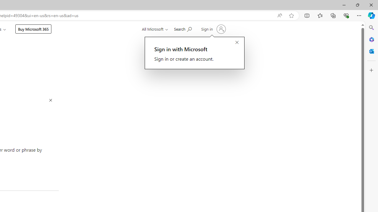 The image size is (378, 212). Describe the element at coordinates (307, 15) in the screenshot. I see `'Split screen'` at that location.